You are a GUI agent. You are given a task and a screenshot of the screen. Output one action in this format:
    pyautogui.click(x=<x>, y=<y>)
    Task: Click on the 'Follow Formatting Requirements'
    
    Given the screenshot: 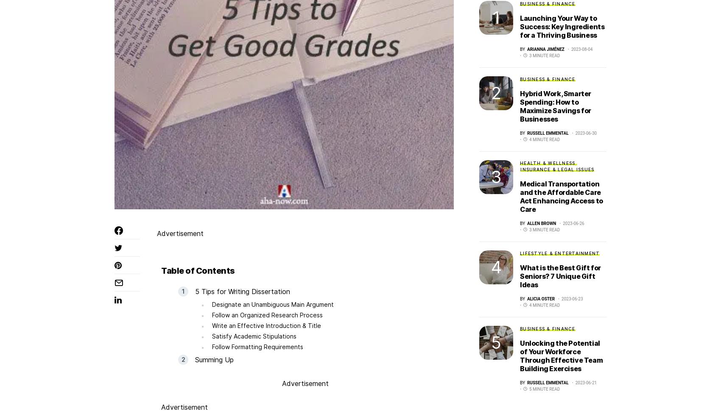 What is the action you would take?
    pyautogui.click(x=257, y=347)
    